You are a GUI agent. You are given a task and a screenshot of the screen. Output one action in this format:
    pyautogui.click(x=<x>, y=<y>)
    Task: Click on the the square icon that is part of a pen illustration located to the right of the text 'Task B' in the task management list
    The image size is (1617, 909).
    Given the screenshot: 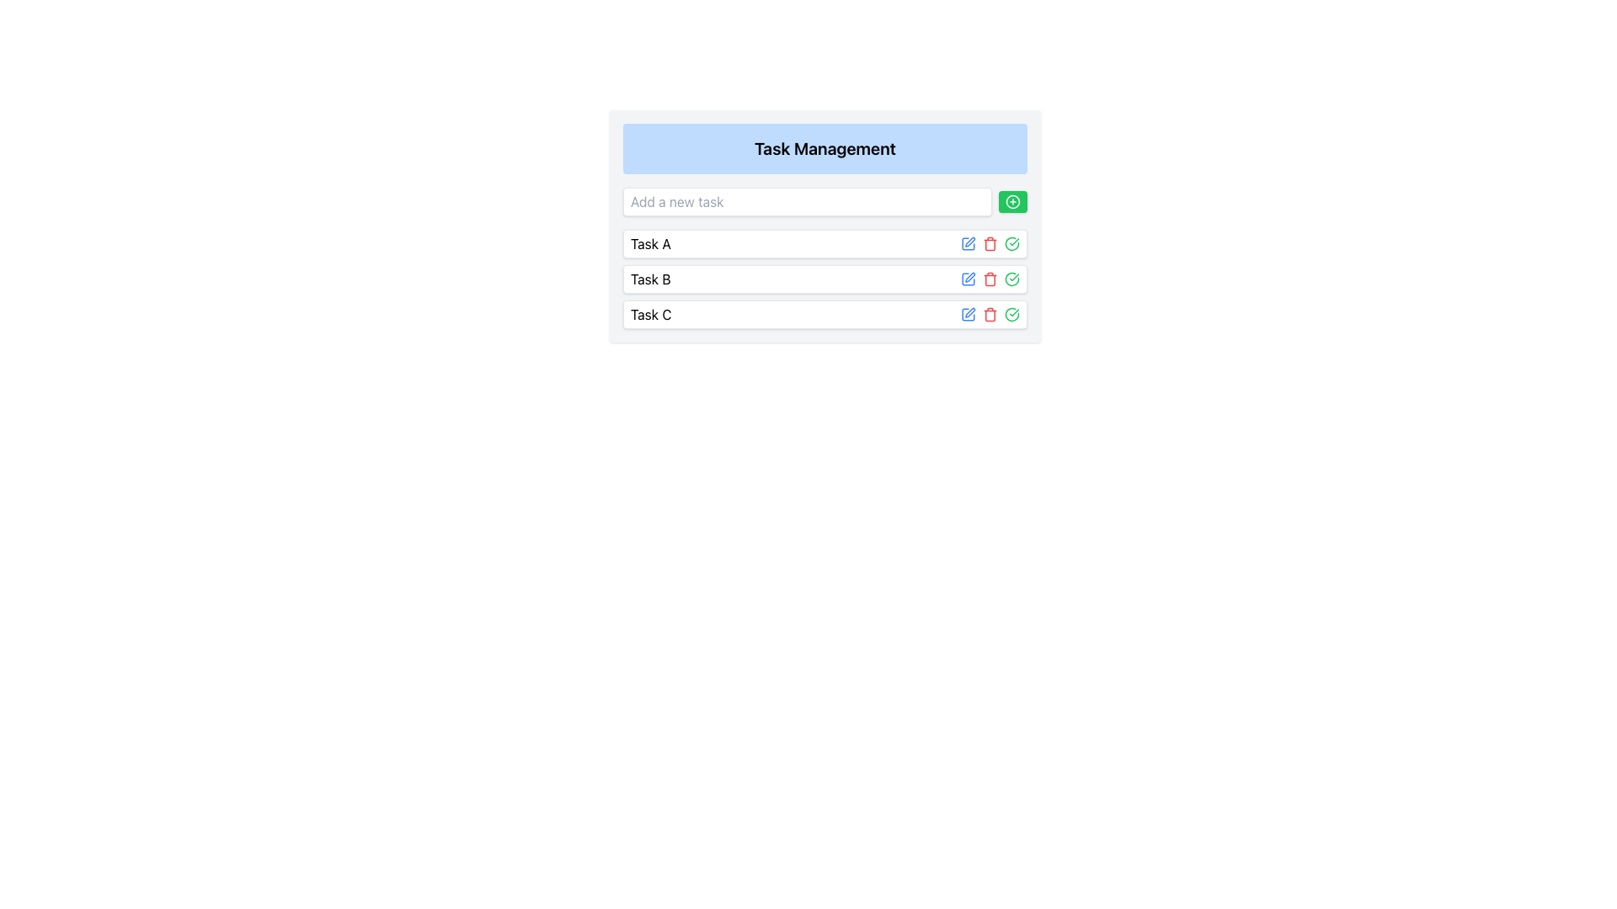 What is the action you would take?
    pyautogui.click(x=969, y=243)
    